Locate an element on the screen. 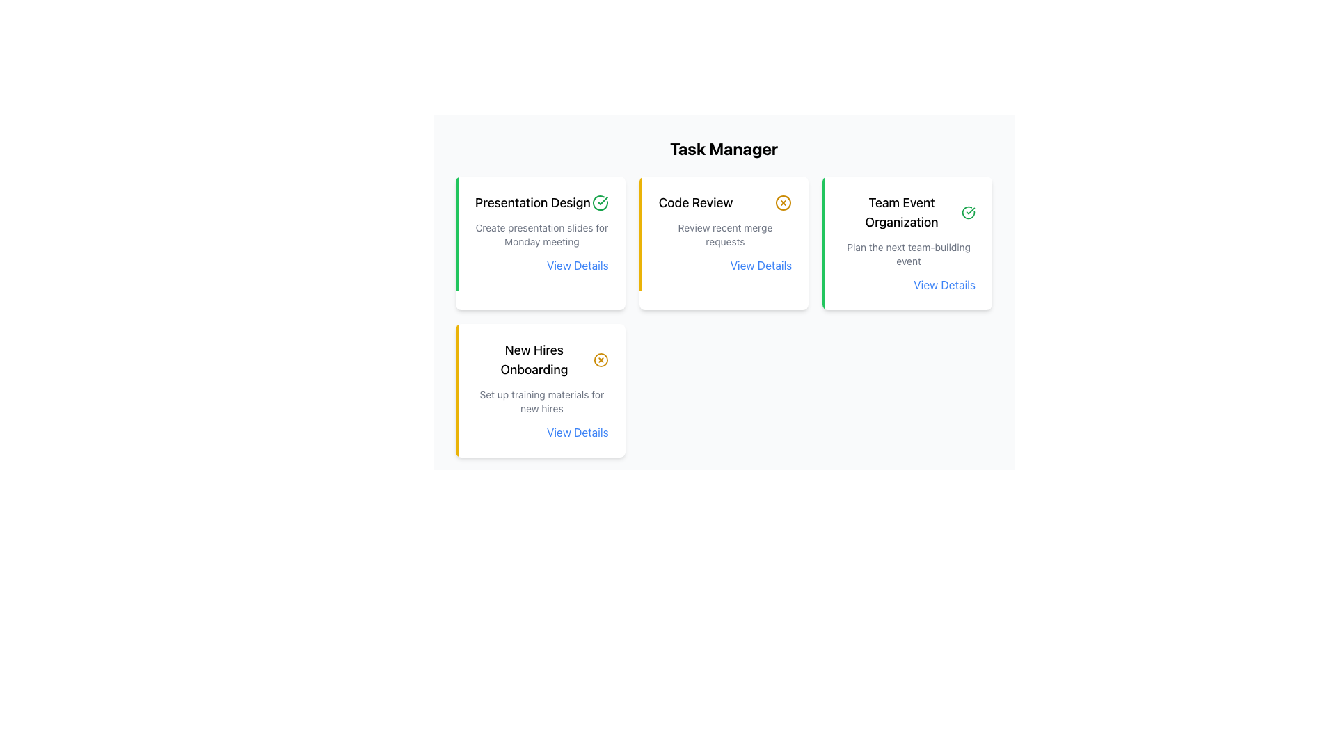 The width and height of the screenshot is (1336, 751). the summary card for the task 'Presentation Design', which is the first item in the grid layout of cards under the 'Task Manager' section is located at coordinates (539, 243).